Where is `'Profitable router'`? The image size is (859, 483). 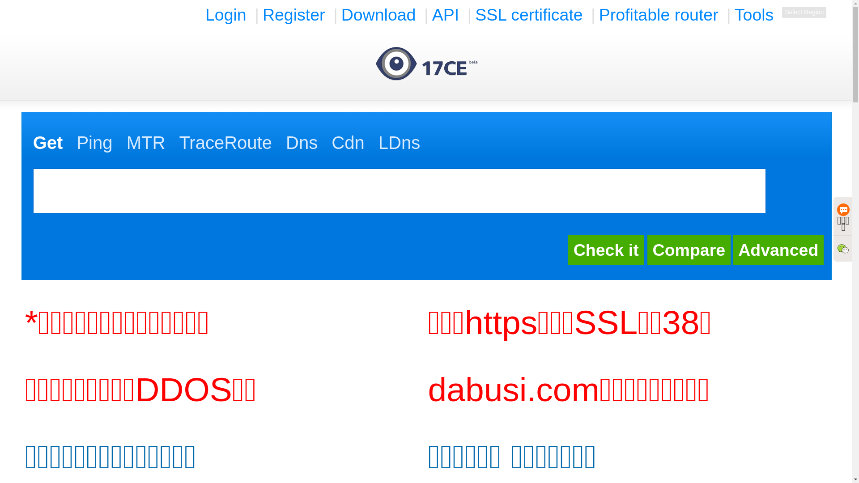 'Profitable router' is located at coordinates (659, 15).